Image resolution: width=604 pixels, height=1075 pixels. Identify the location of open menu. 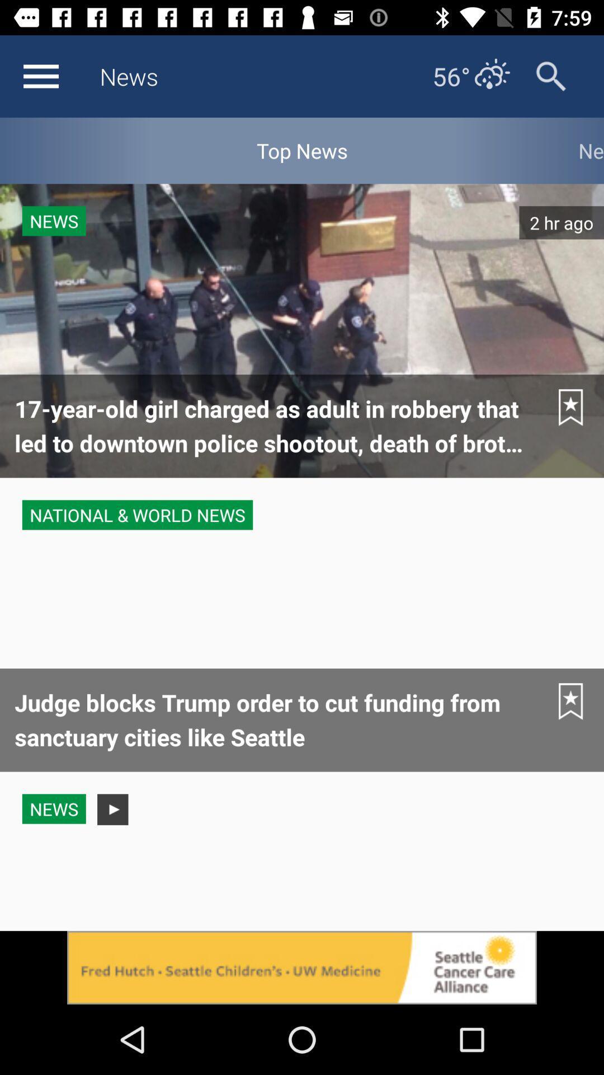
(40, 76).